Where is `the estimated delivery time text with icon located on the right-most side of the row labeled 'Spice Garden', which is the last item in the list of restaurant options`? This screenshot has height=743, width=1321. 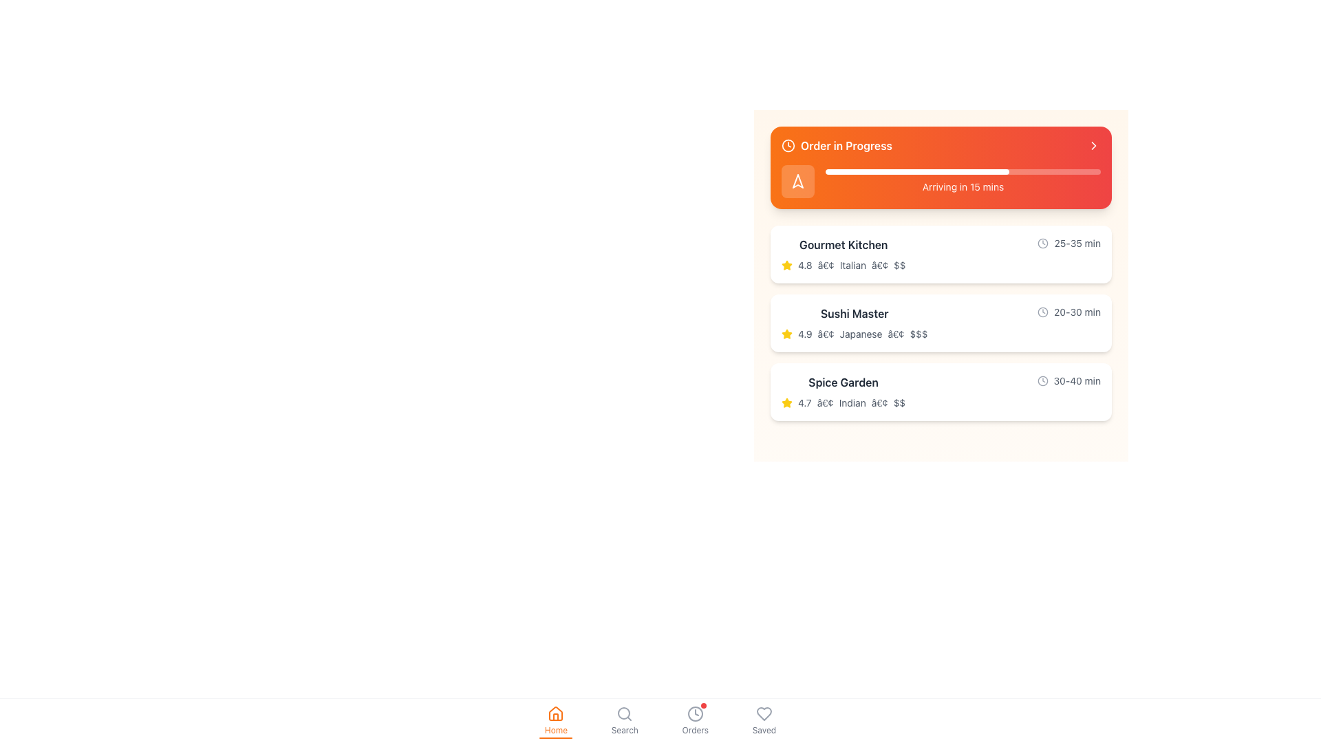
the estimated delivery time text with icon located on the right-most side of the row labeled 'Spice Garden', which is the last item in the list of restaurant options is located at coordinates (1068, 381).